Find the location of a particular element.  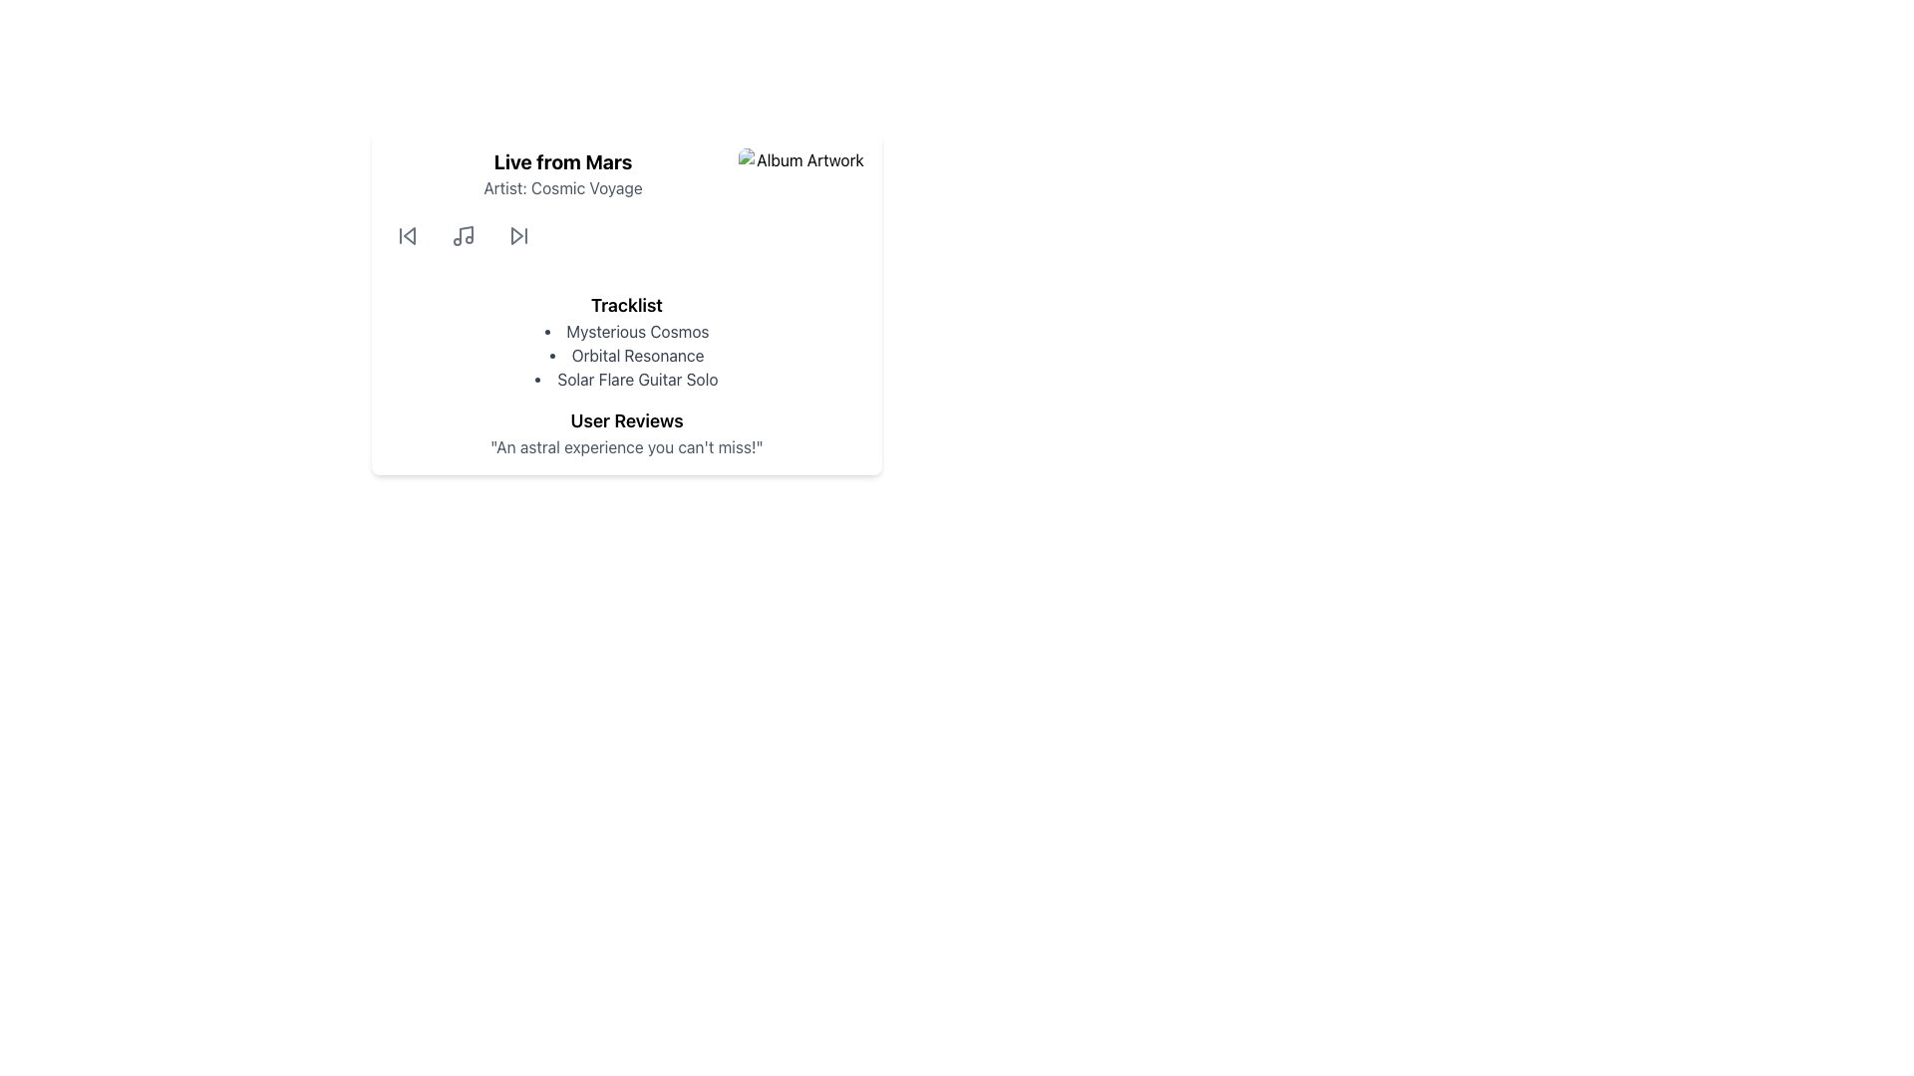

the vertical line and curve defining the stem of the music note SVG icon, which is centrally positioned within the music icon and flanked by note heads is located at coordinates (465, 233).